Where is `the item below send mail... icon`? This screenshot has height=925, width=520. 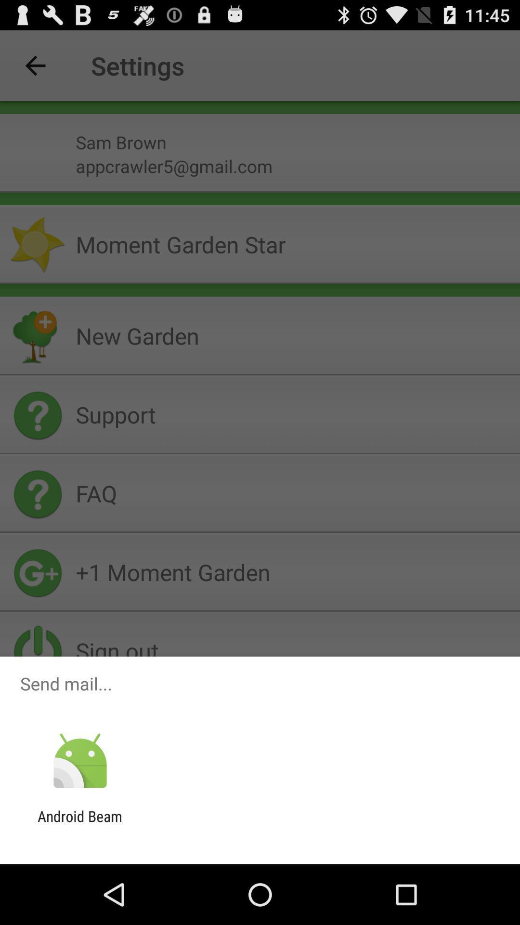 the item below send mail... icon is located at coordinates (79, 761).